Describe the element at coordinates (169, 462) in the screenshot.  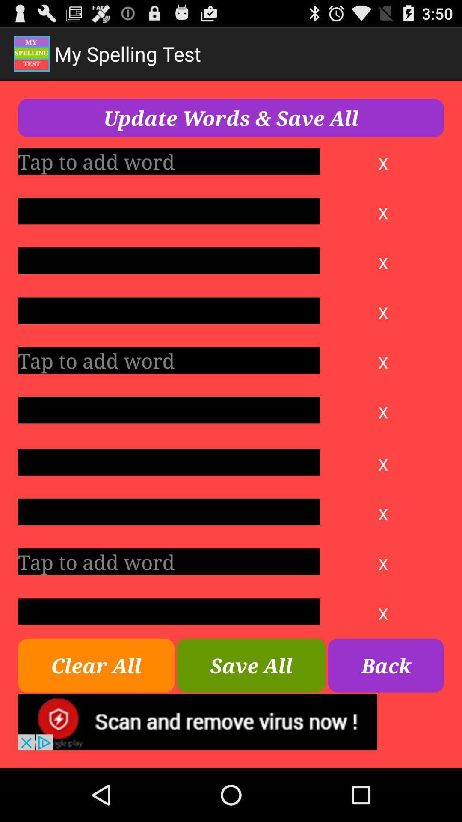
I see `write word` at that location.